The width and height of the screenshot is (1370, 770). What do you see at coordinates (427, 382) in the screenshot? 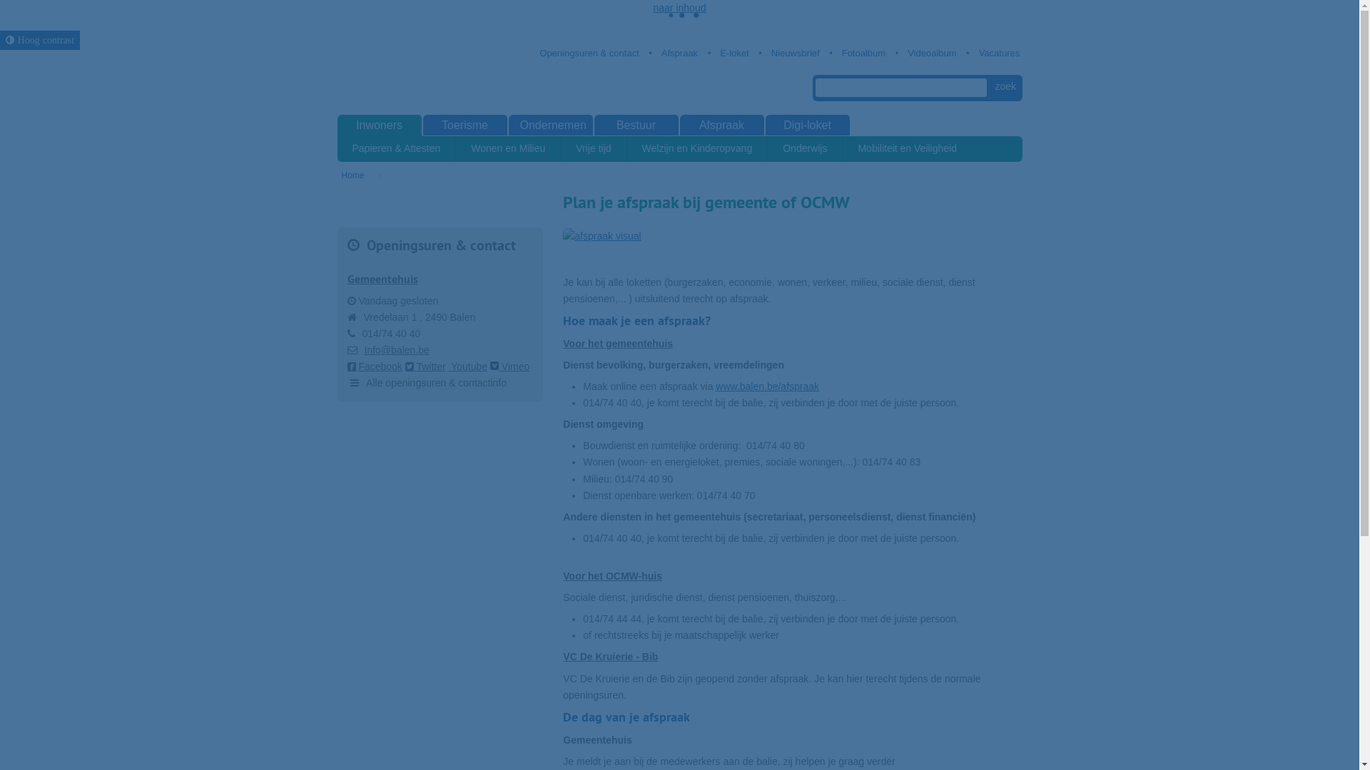
I see `'Alle openingsuren & contactinfo'` at bounding box center [427, 382].